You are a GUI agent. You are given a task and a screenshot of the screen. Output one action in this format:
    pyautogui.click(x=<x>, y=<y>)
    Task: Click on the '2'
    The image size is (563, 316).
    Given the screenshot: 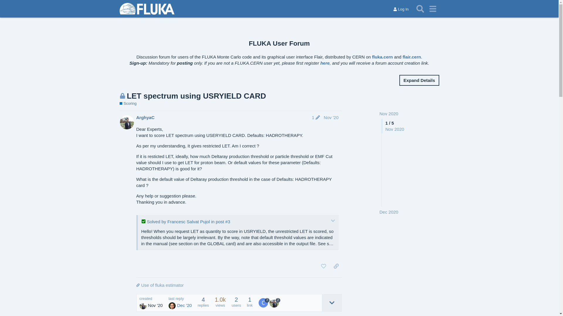 What is the action you would take?
    pyautogui.click(x=264, y=303)
    